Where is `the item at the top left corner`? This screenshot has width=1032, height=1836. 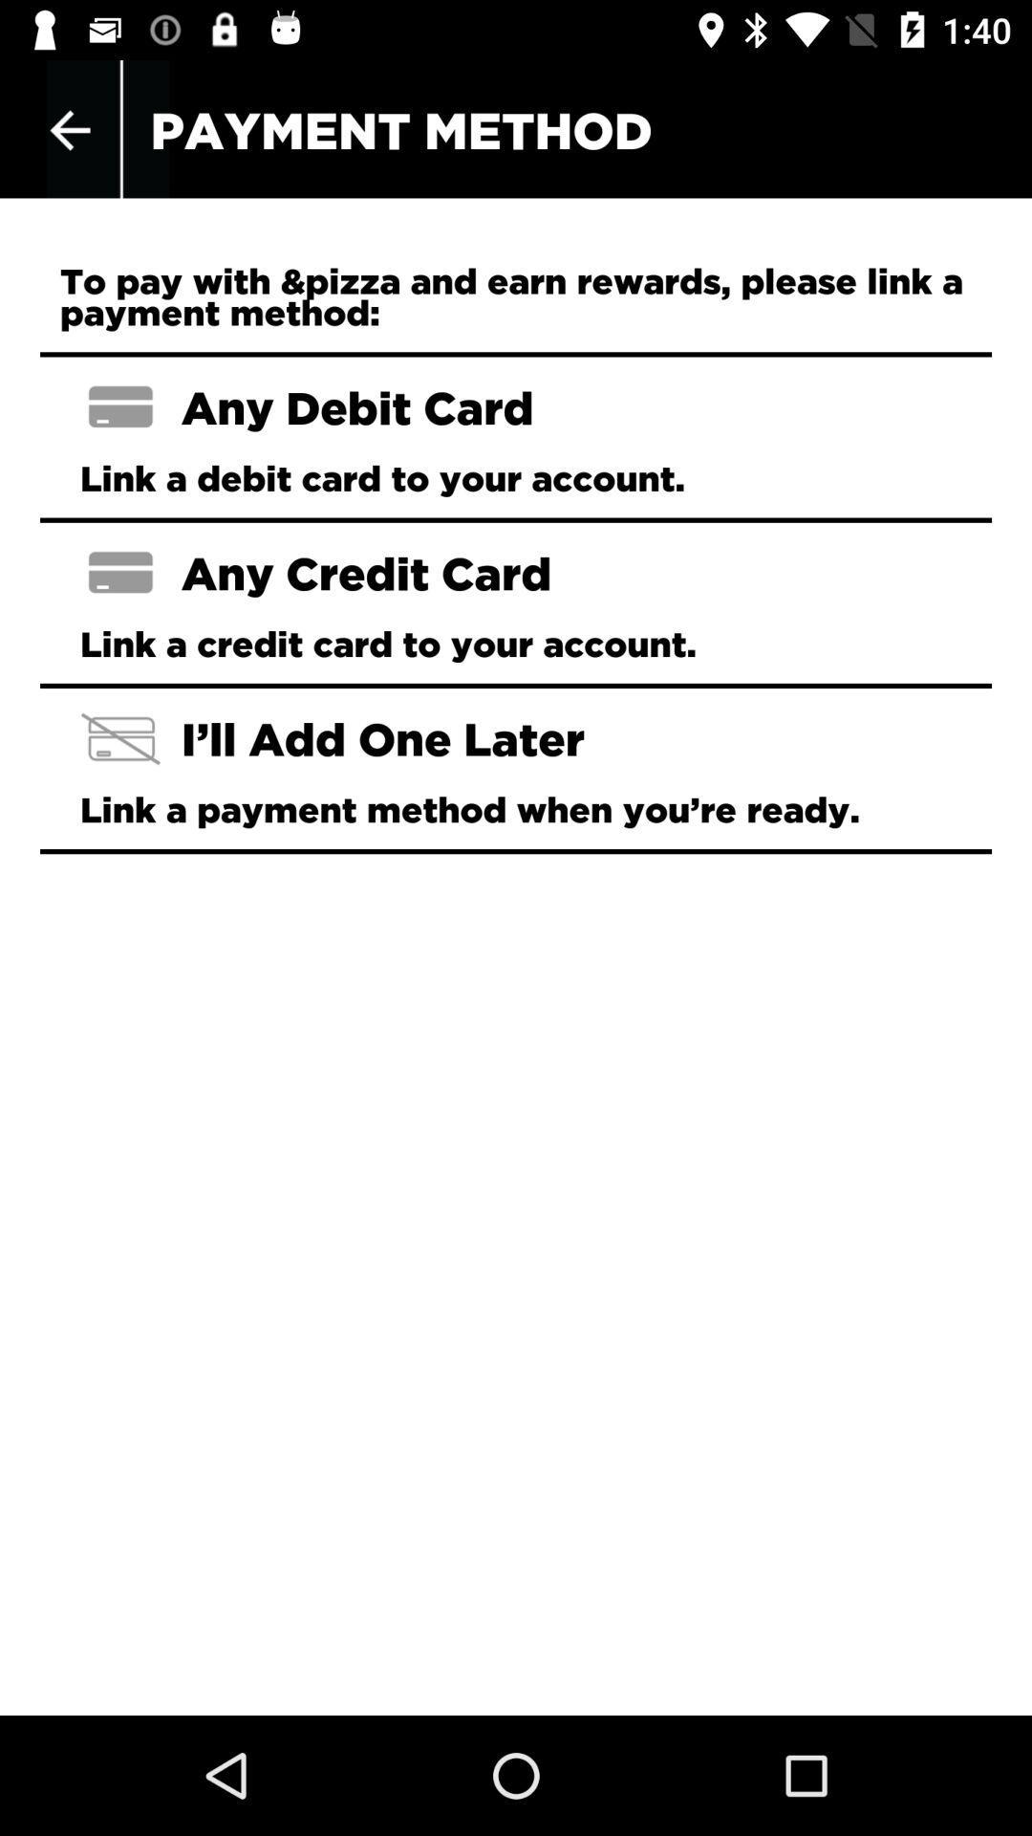
the item at the top left corner is located at coordinates (69, 129).